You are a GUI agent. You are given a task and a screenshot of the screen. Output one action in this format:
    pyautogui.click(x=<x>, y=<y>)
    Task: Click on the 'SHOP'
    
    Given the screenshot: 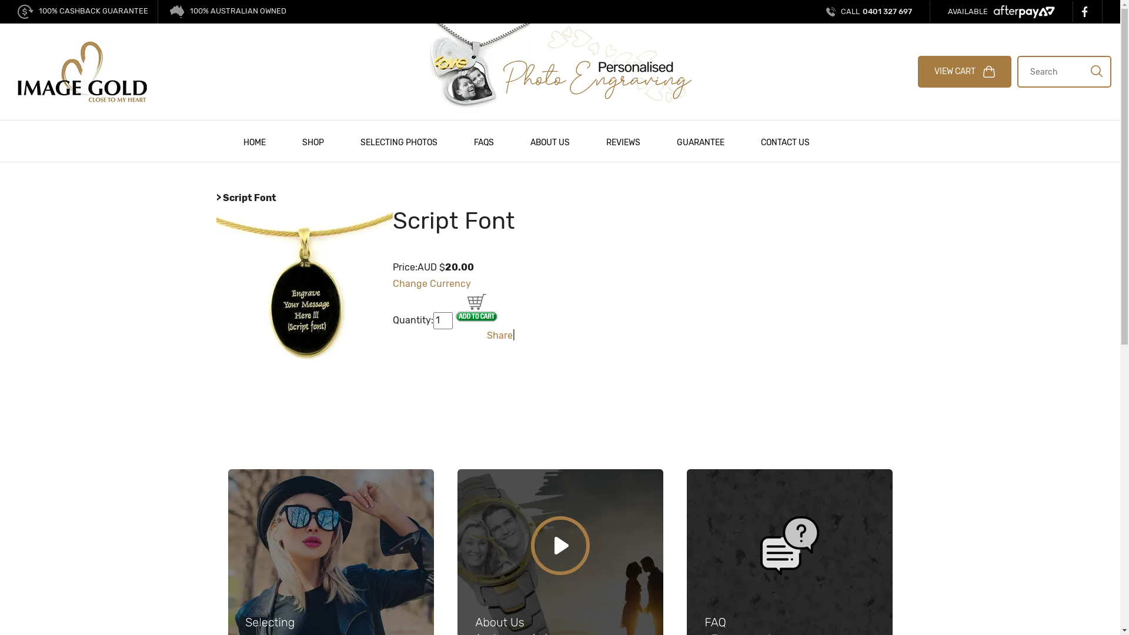 What is the action you would take?
    pyautogui.click(x=301, y=141)
    